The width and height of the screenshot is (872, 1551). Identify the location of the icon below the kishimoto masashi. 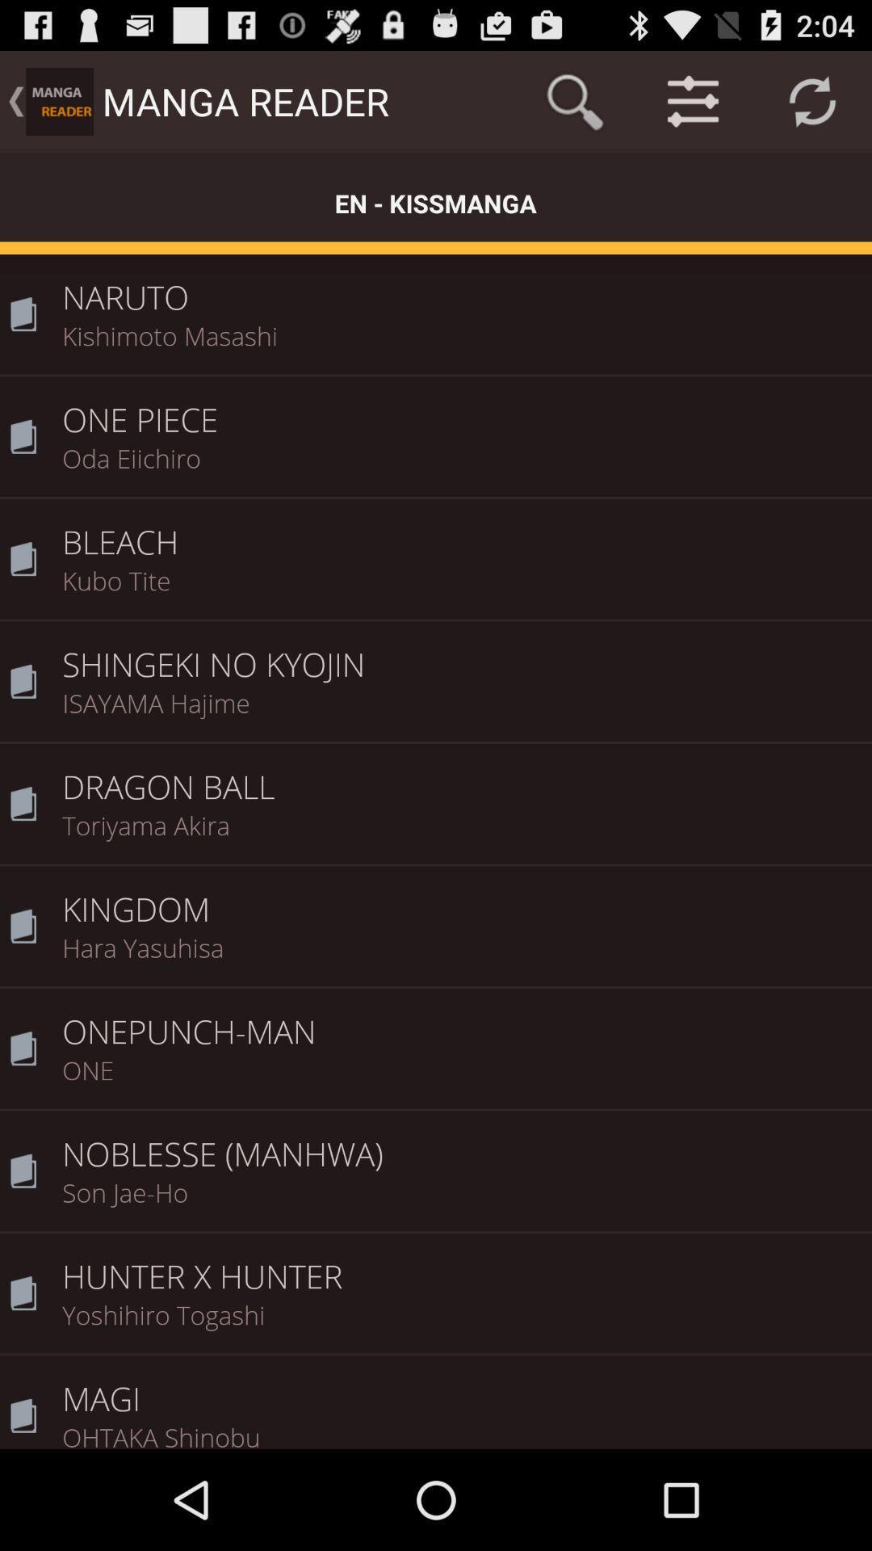
(461, 409).